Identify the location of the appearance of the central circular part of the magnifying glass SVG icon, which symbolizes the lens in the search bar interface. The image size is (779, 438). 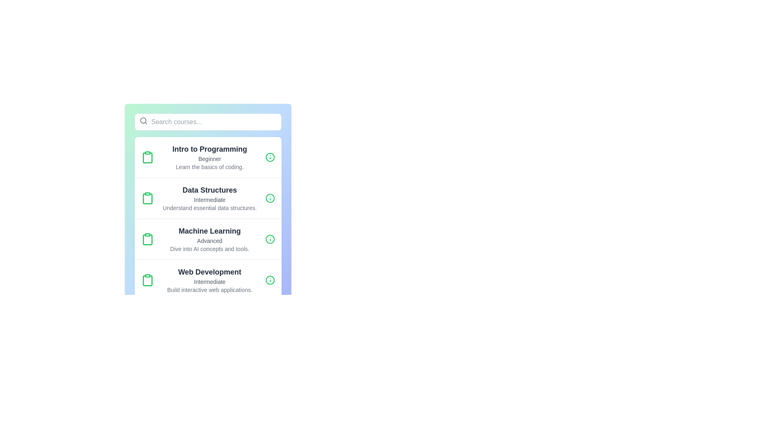
(143, 120).